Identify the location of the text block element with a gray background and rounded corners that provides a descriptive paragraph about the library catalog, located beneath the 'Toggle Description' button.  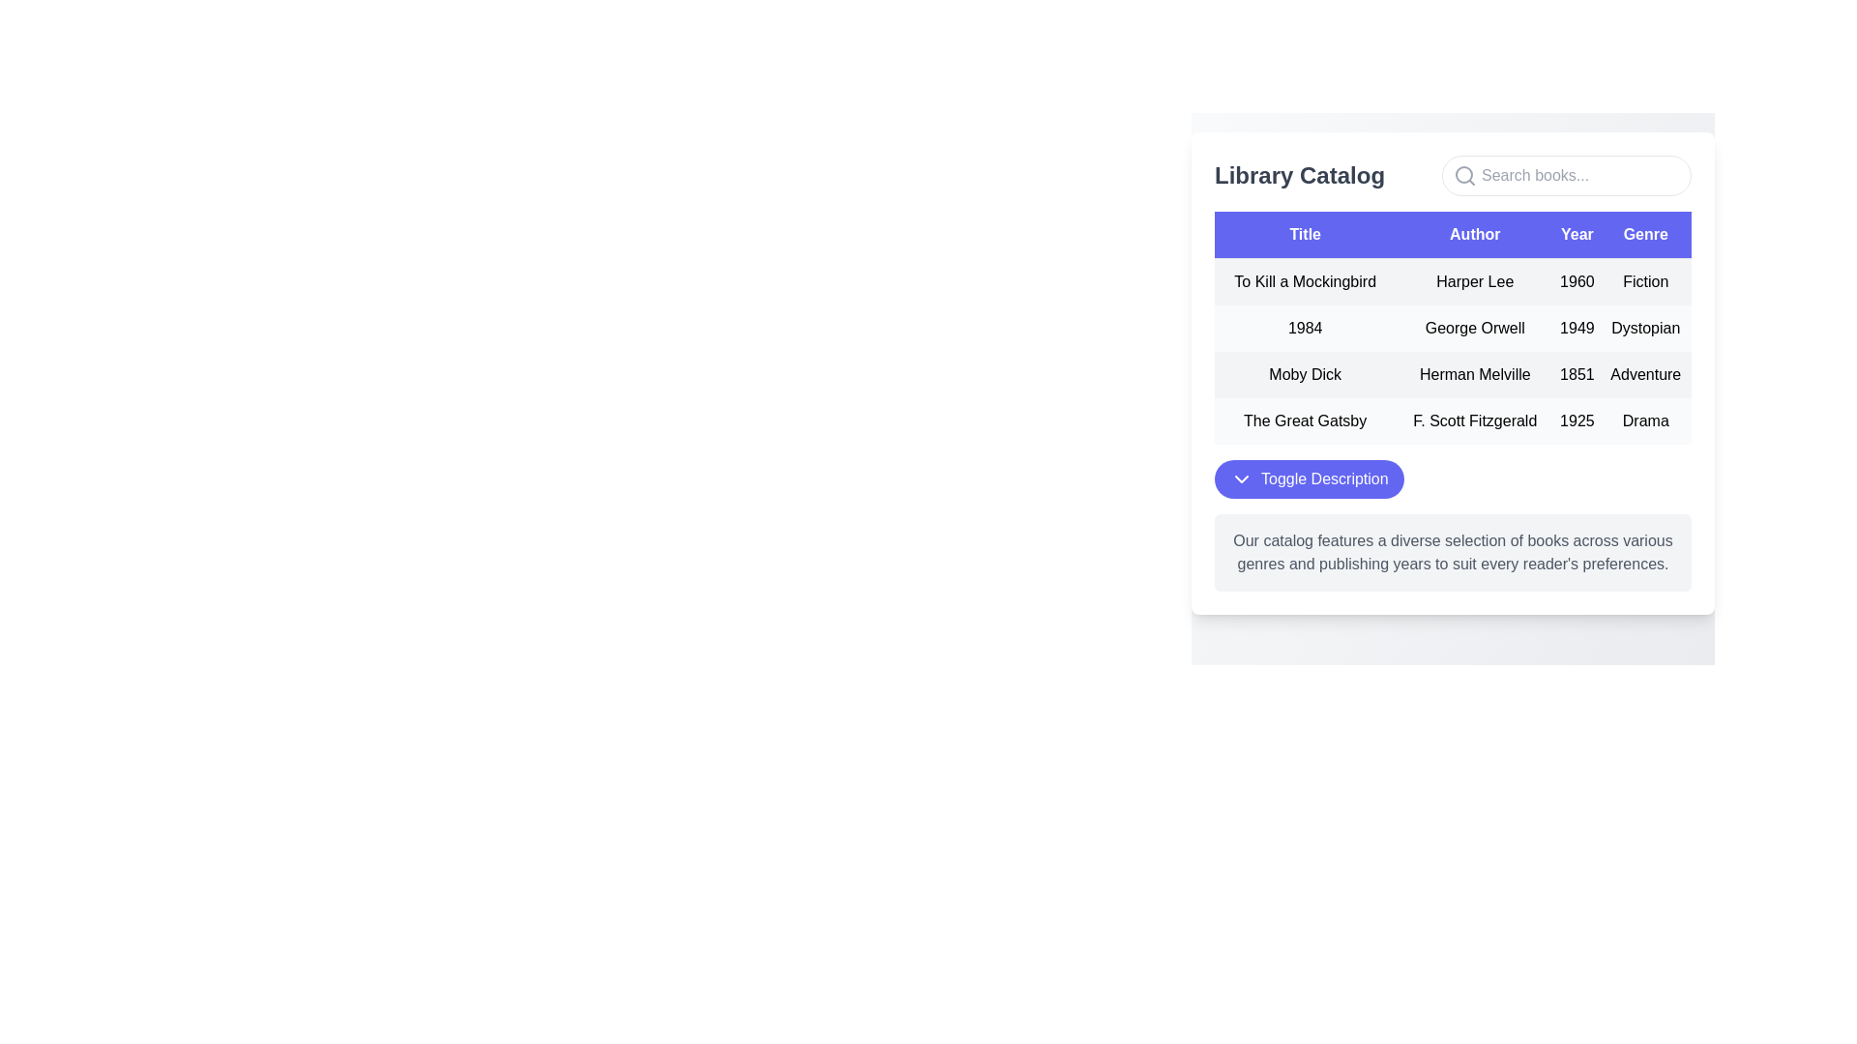
(1453, 525).